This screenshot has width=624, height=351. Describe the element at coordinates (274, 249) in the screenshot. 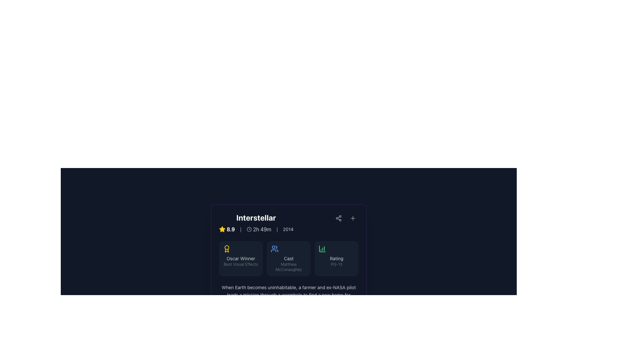

I see `the small light blue icon resembling a group of people located in the 'Cast' section, to the left of the text 'Cast'` at that location.